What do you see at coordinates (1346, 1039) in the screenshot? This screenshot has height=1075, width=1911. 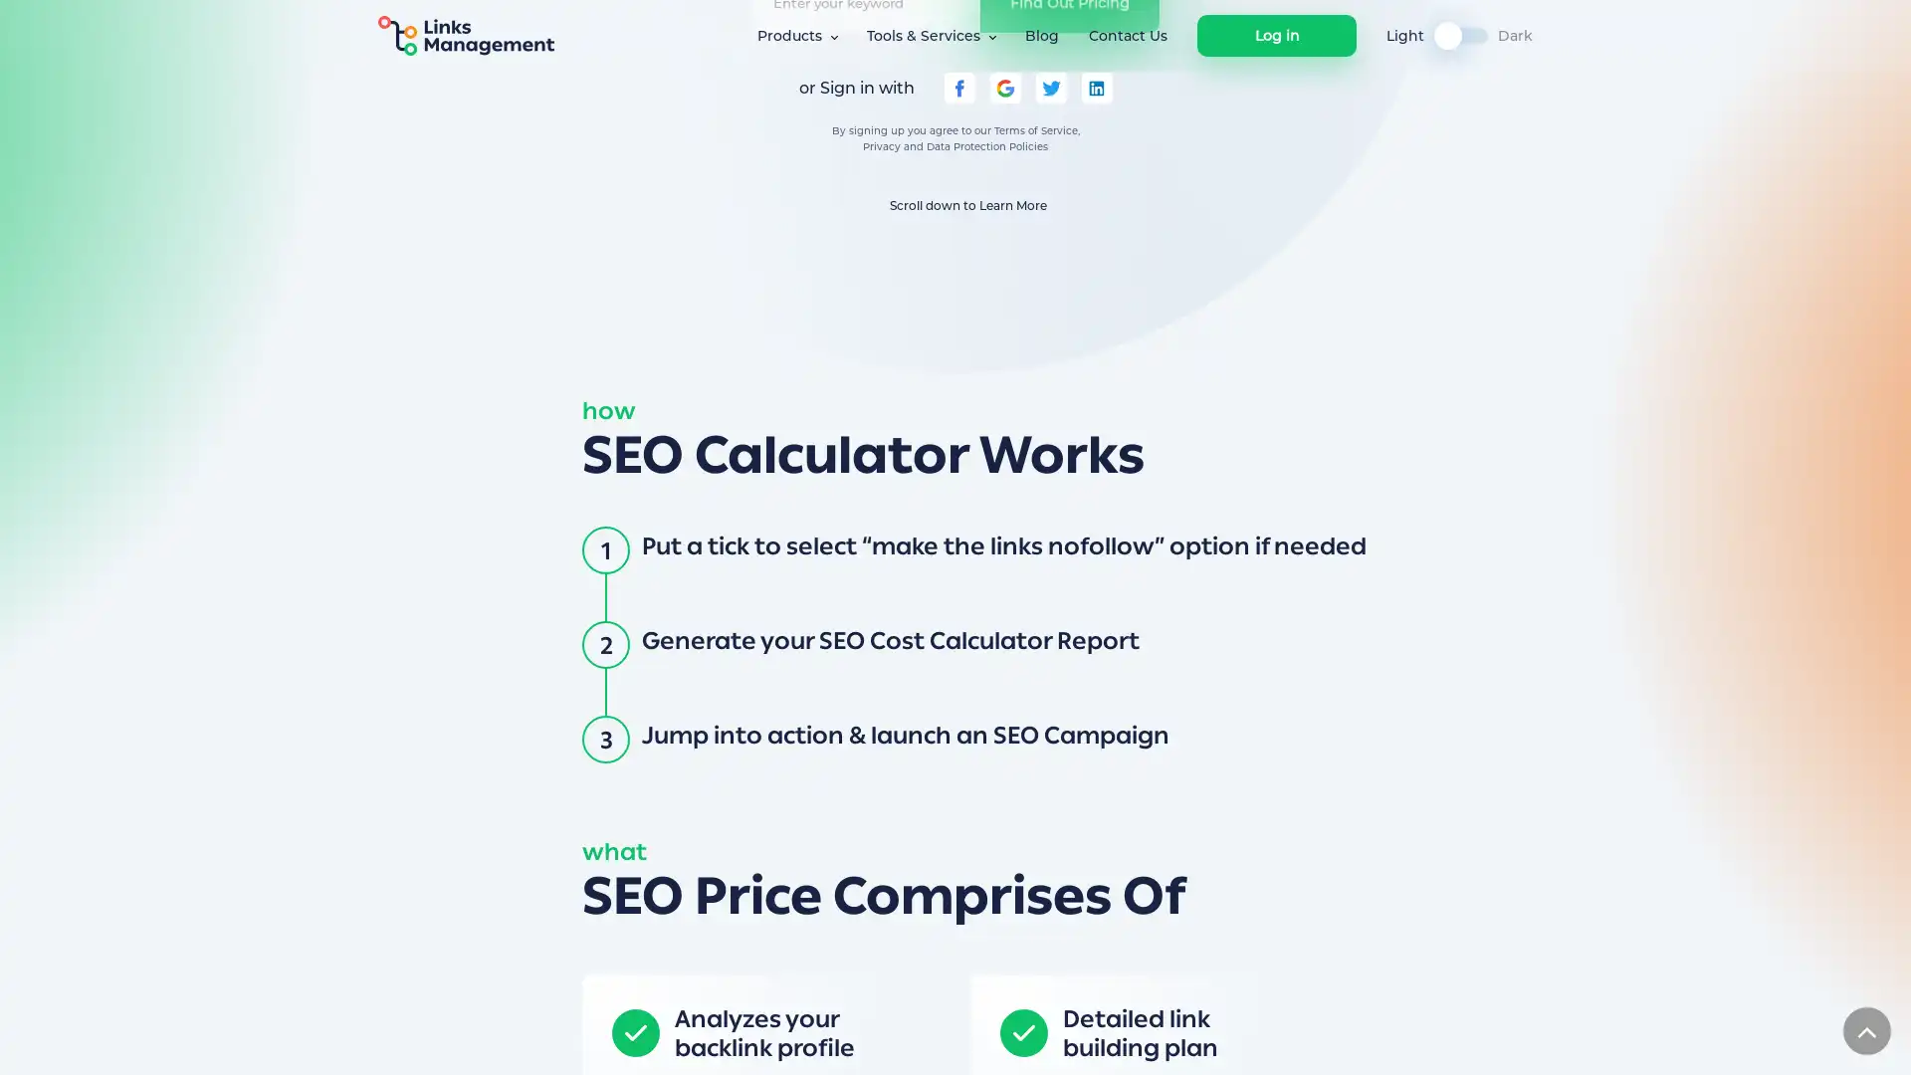 I see `Got It!` at bounding box center [1346, 1039].